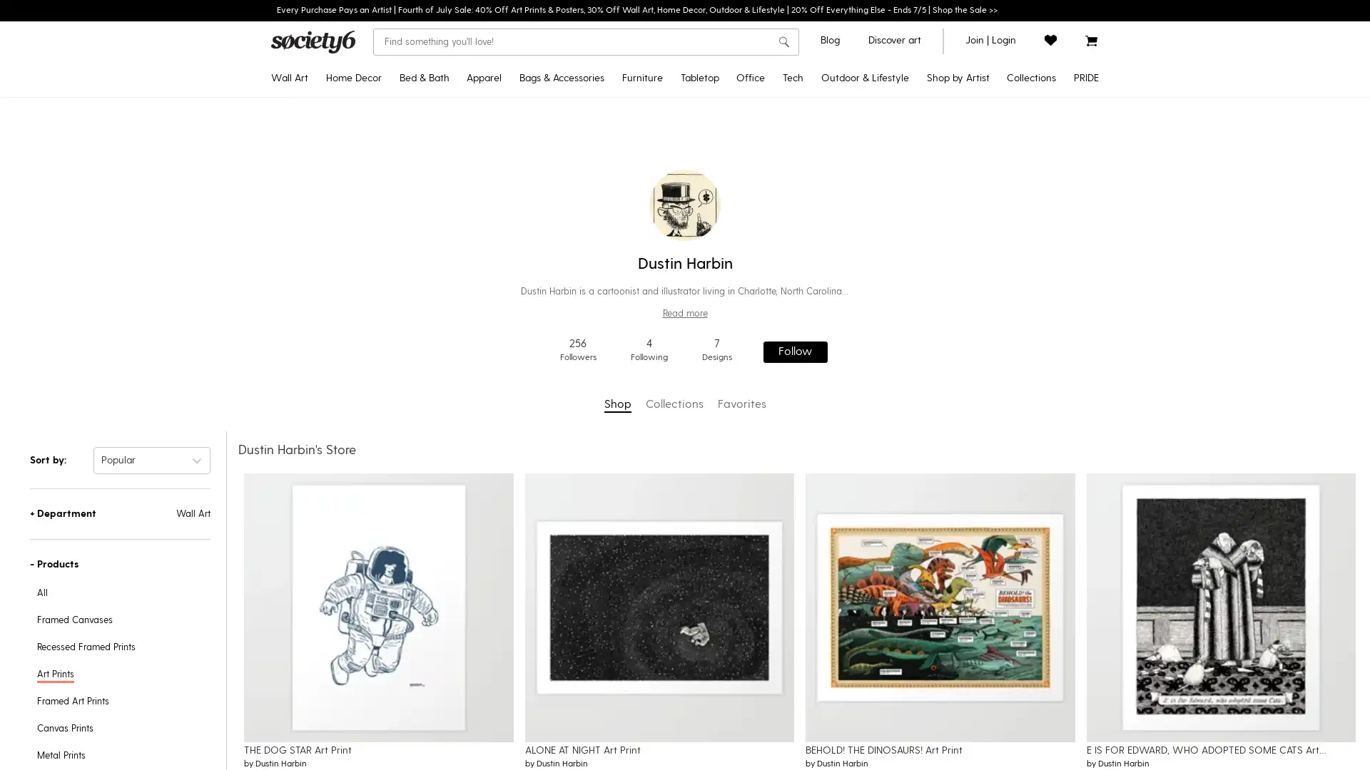 The height and width of the screenshot is (770, 1370). I want to click on +Department Wall Art, so click(120, 513).